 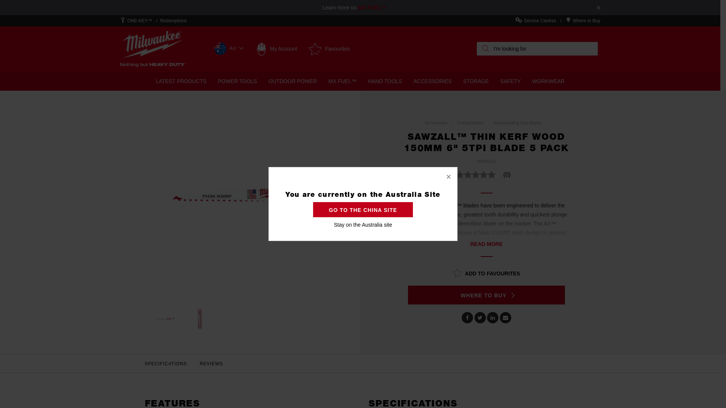 I want to click on 'SAFETY', so click(x=510, y=81).